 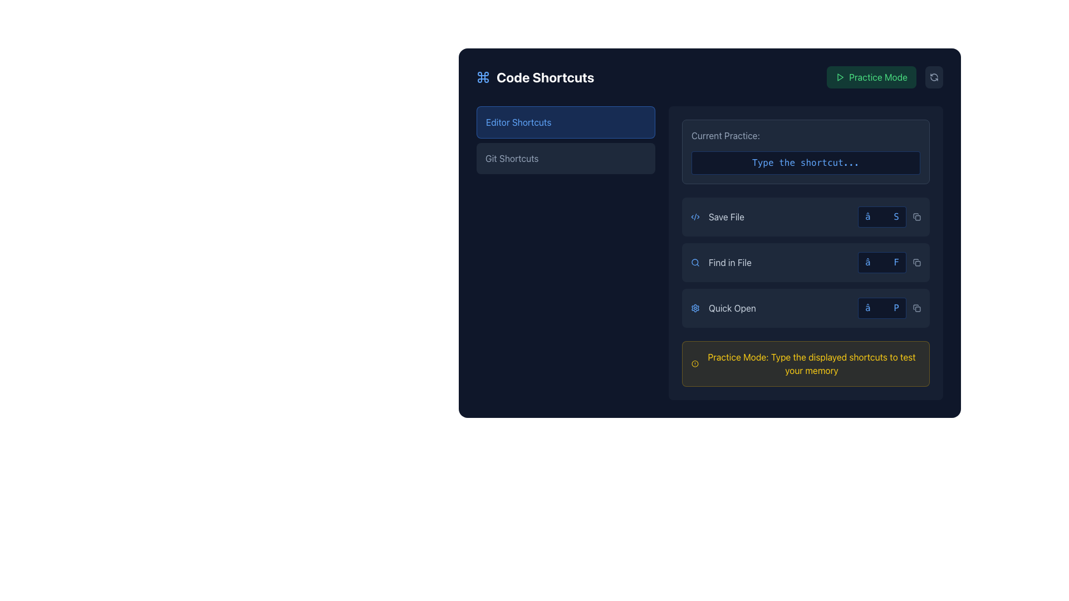 What do you see at coordinates (483, 76) in the screenshot?
I see `command symbol icon, which has a blue outline on a dark background and is located to the left of the 'Code Shortcuts' title text in the header section` at bounding box center [483, 76].